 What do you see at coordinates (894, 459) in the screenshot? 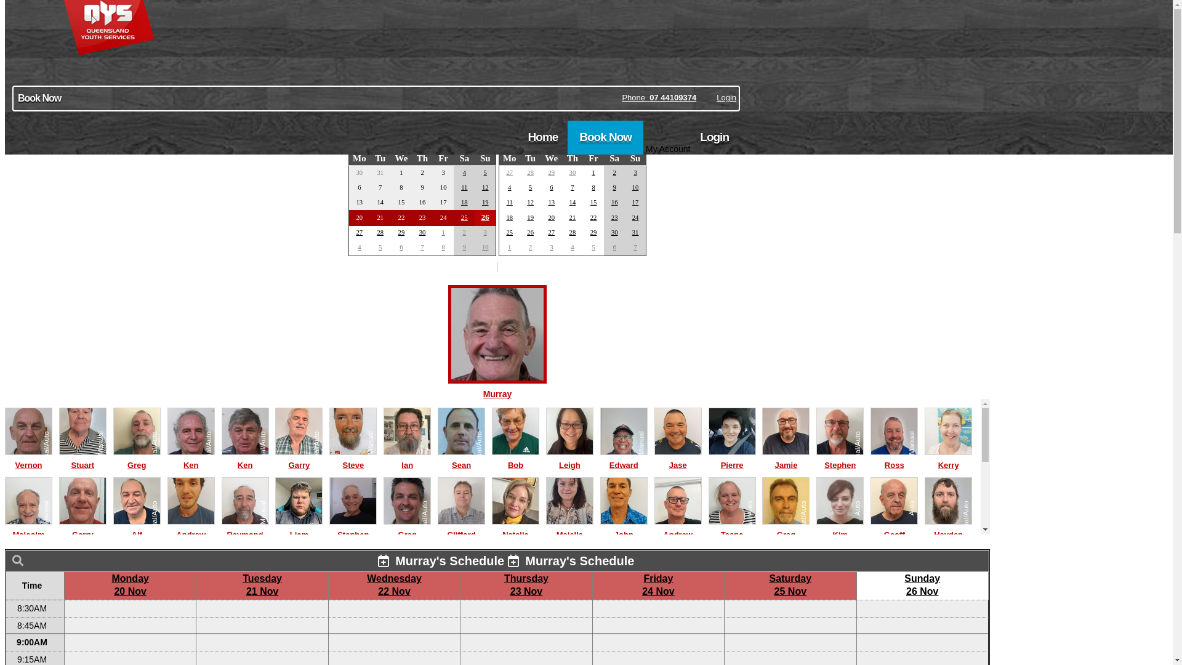
I see `'Ross` at bounding box center [894, 459].